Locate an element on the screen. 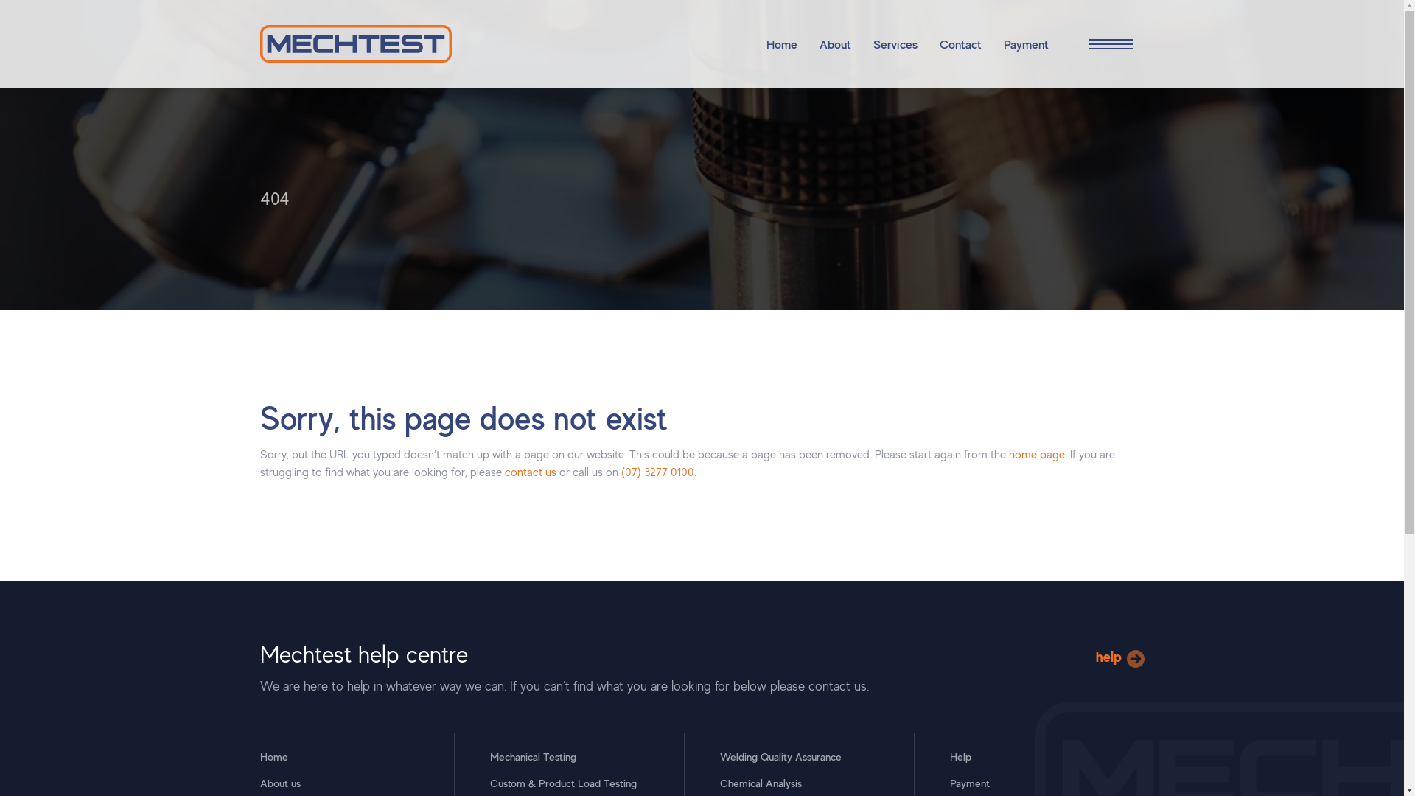 Image resolution: width=1415 pixels, height=796 pixels. '(07) 3277 0100' is located at coordinates (656, 472).